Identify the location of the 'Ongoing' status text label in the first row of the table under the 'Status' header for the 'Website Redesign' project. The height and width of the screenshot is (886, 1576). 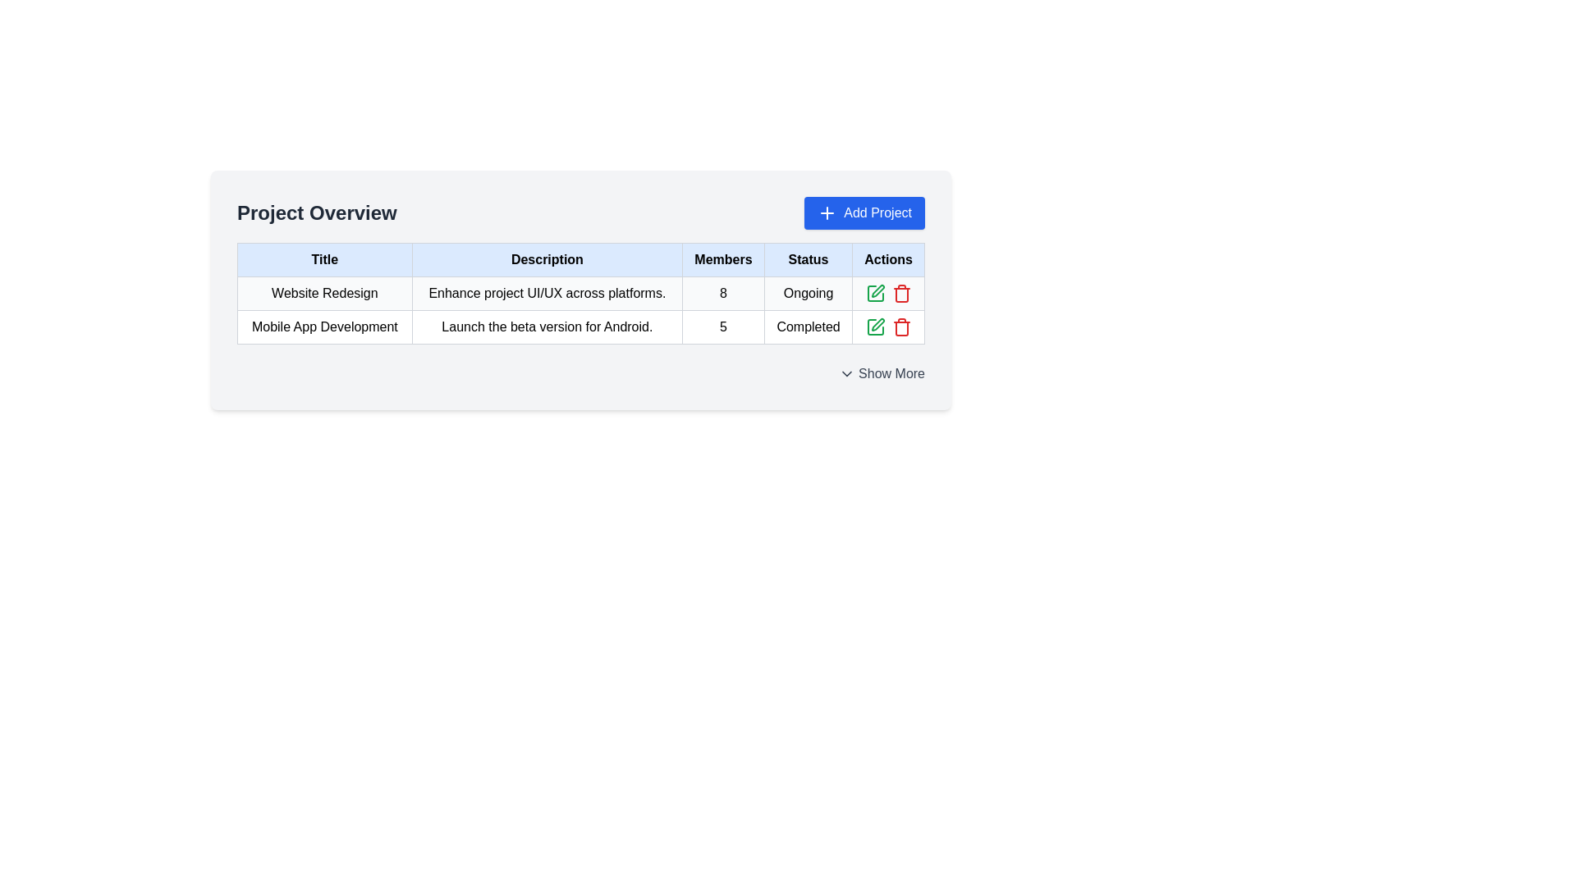
(809, 293).